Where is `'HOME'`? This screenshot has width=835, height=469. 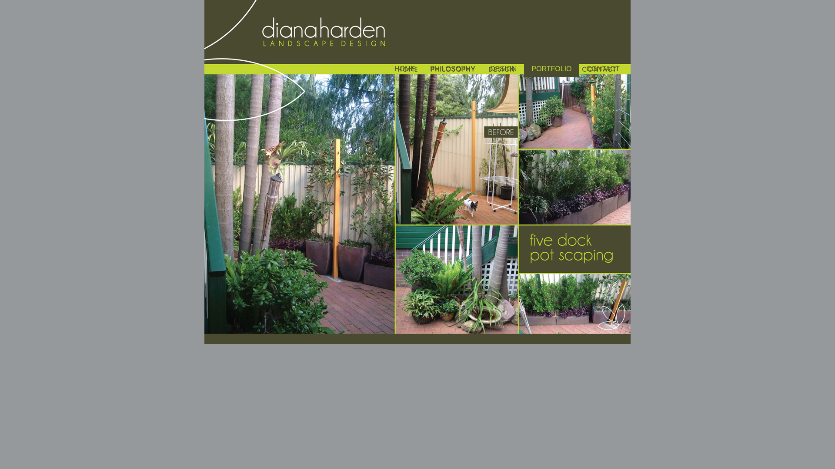 'HOME' is located at coordinates (404, 69).